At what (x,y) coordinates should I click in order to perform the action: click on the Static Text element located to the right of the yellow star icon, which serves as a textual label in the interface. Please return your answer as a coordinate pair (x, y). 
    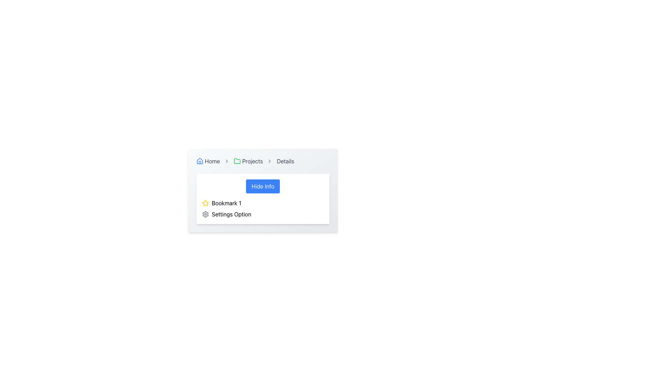
    Looking at the image, I should click on (226, 203).